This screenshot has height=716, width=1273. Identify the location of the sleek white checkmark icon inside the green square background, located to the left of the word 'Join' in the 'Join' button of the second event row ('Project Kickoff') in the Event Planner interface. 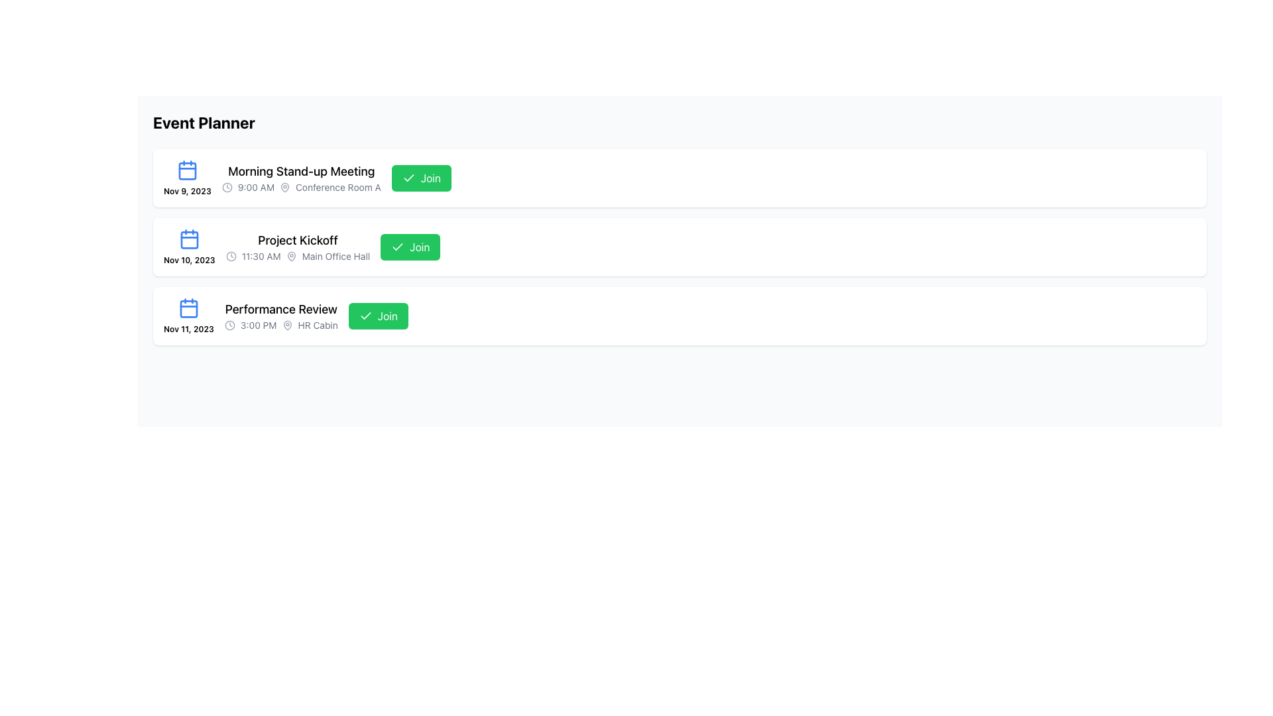
(397, 247).